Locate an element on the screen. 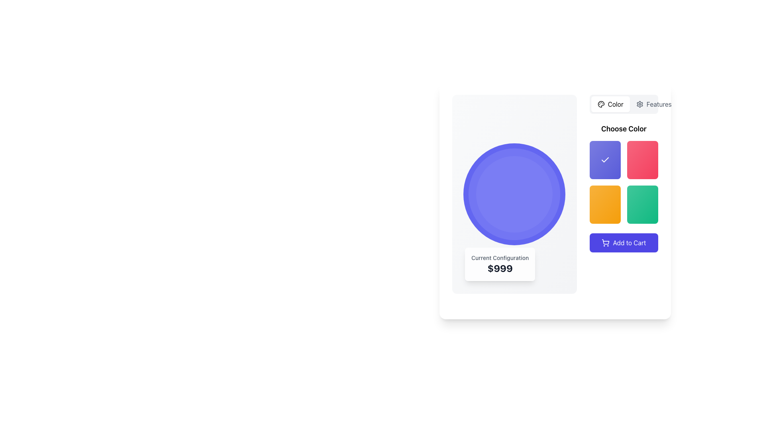 This screenshot has width=765, height=430. the decorative circular violet disc element located in the center of a section labeled 'Current Configuration' with a price tag '$999' is located at coordinates (514, 194).